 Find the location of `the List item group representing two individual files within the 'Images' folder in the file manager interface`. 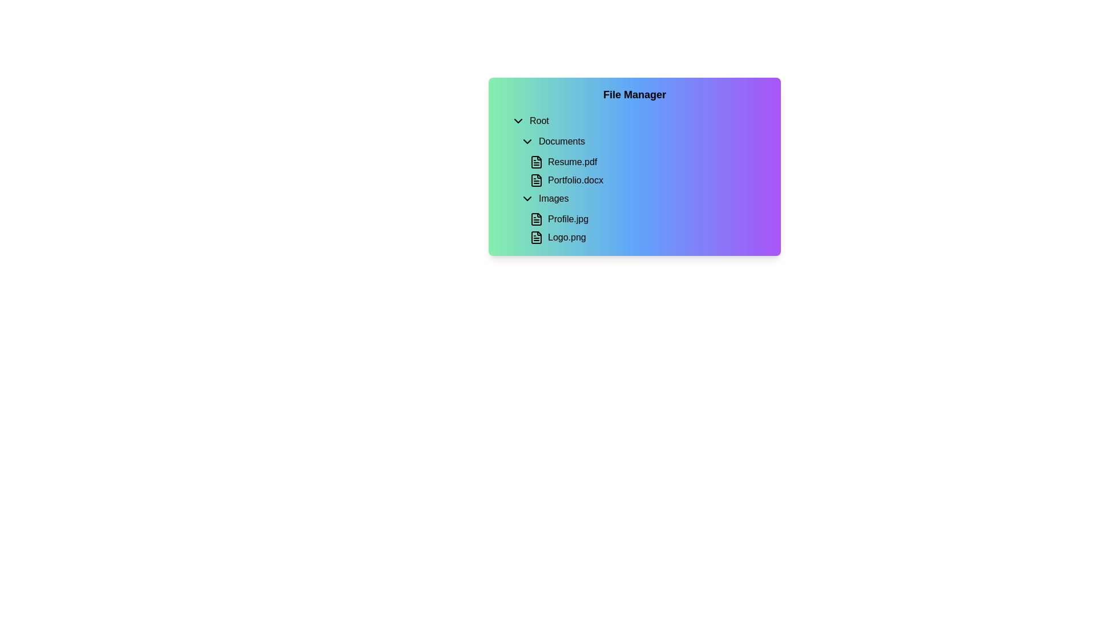

the List item group representing two individual files within the 'Images' folder in the file manager interface is located at coordinates (644, 229).